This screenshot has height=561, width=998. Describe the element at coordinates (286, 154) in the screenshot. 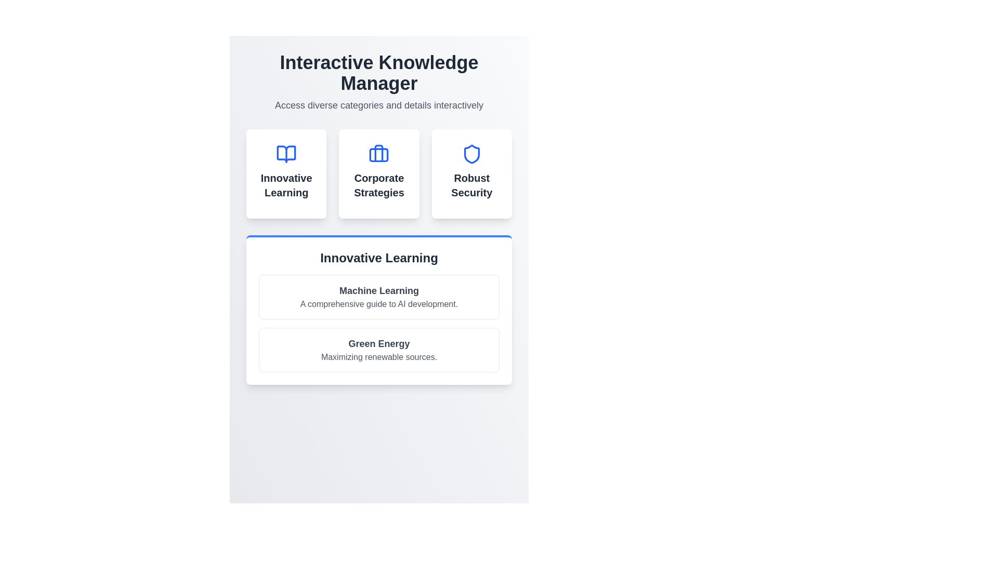

I see `the left half of the book icon in the 'Innovative Learning' card, which is styled with a blue outline and represents the left page of an open book` at that location.